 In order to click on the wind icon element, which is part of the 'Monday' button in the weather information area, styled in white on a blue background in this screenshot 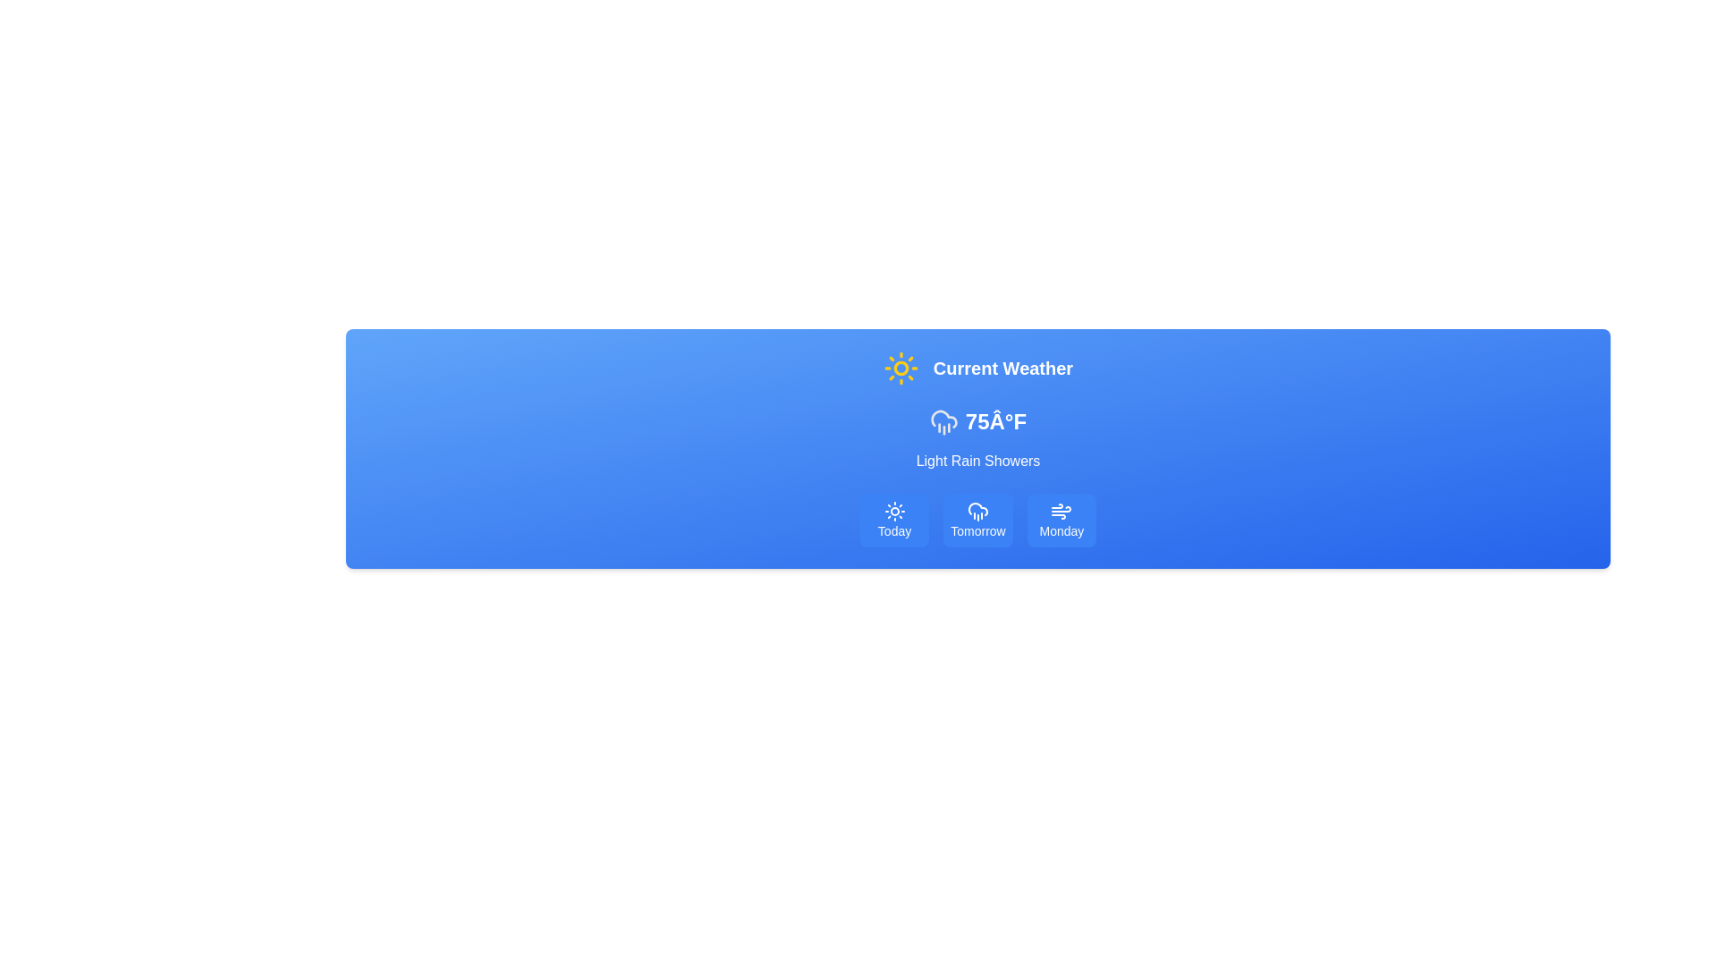, I will do `click(1061, 511)`.